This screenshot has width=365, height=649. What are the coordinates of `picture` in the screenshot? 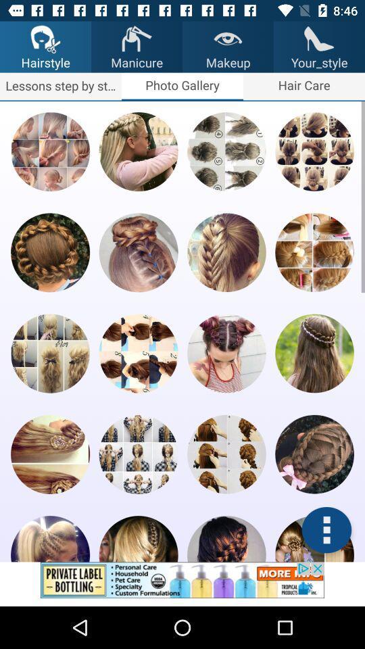 It's located at (138, 539).